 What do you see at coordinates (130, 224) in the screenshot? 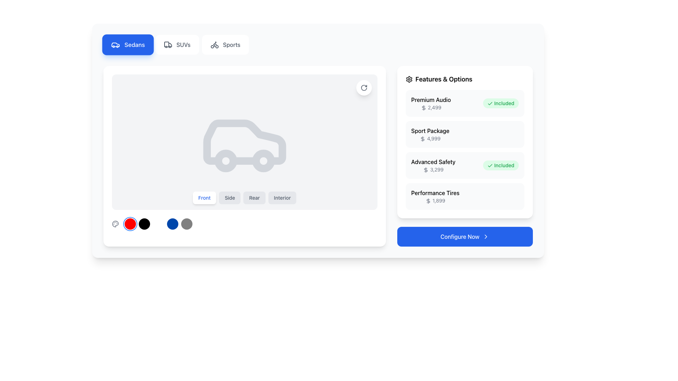
I see `the first interactive color option button in the row of five buttons` at bounding box center [130, 224].